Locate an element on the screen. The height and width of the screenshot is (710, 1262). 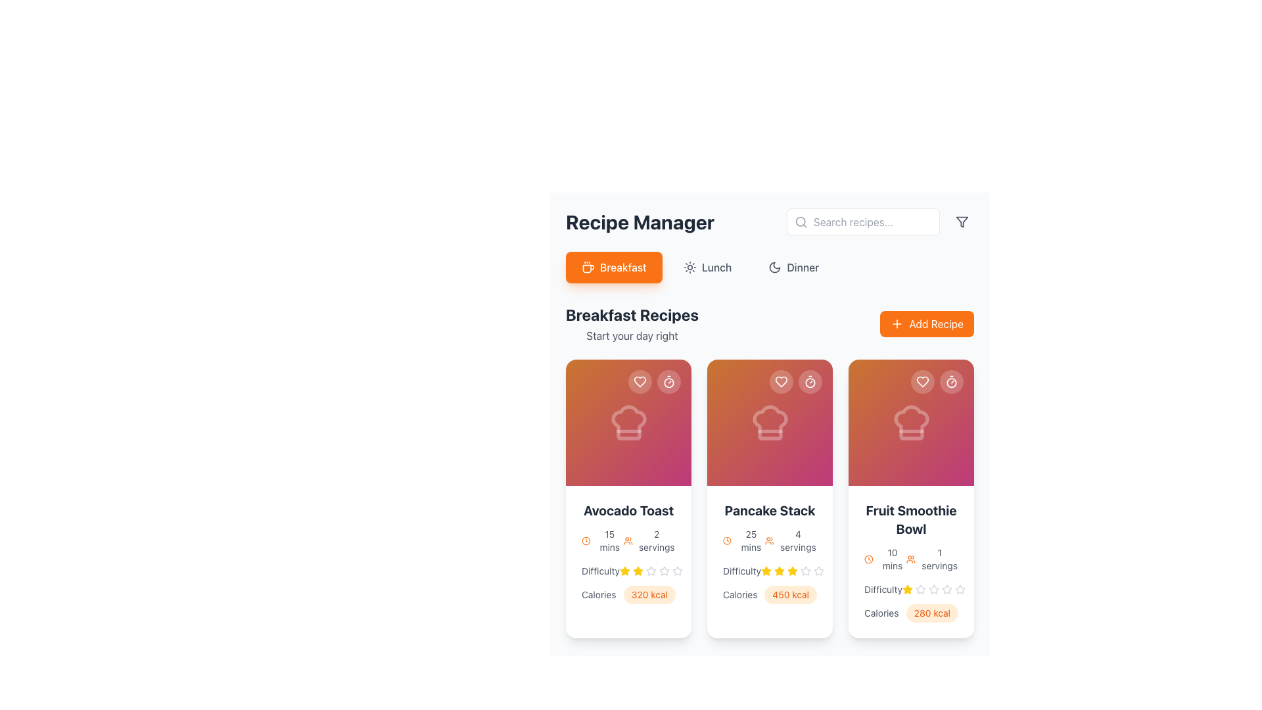
the 'Dinner' tab in the tab navigation component located below the 'Recipe Manager' header to filter by dinner recipes is located at coordinates (770, 267).